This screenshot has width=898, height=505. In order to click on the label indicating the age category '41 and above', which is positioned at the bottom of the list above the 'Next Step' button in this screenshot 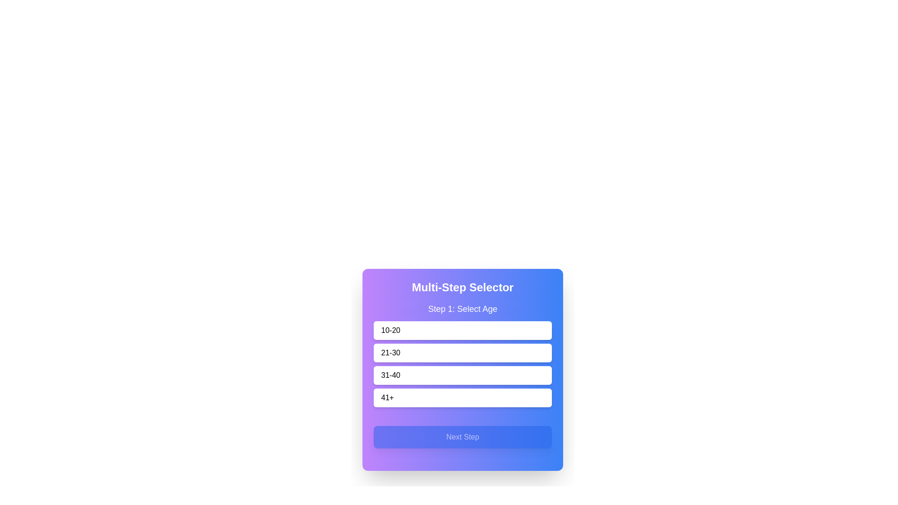, I will do `click(387, 398)`.